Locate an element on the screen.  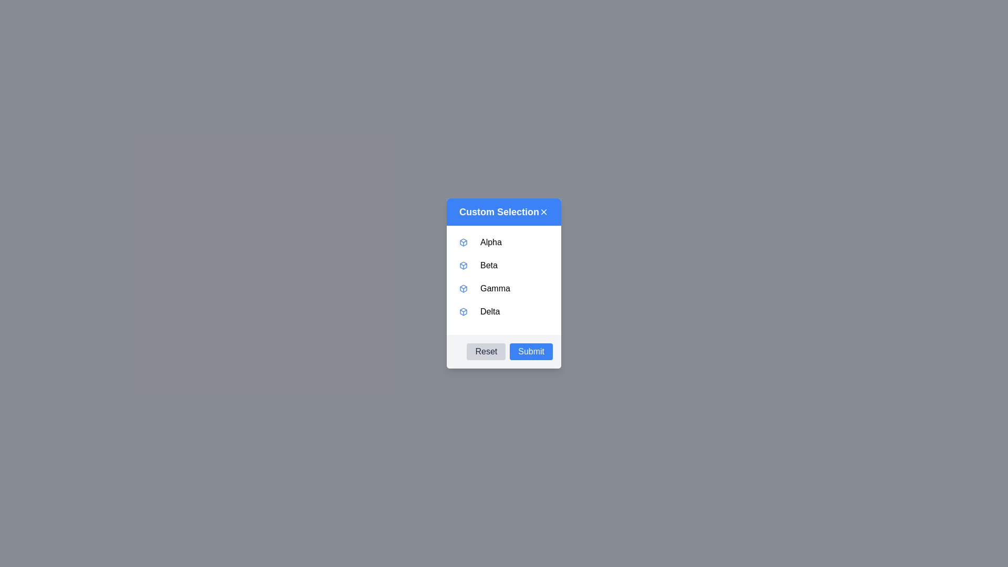
the first row of the vertical list labeled 'Alpha' is located at coordinates (504, 243).